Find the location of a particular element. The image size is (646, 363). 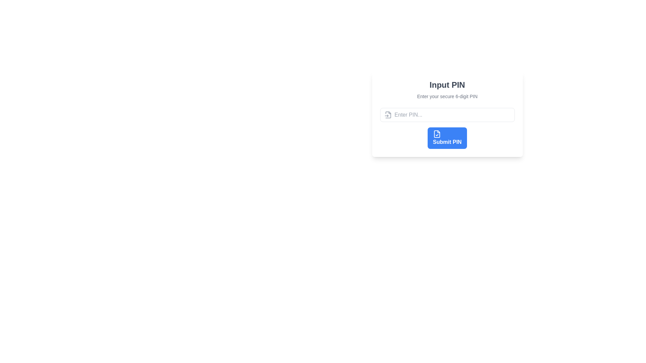

the submit button located below the 'Enter PIN...' input field to interact is located at coordinates (447, 128).